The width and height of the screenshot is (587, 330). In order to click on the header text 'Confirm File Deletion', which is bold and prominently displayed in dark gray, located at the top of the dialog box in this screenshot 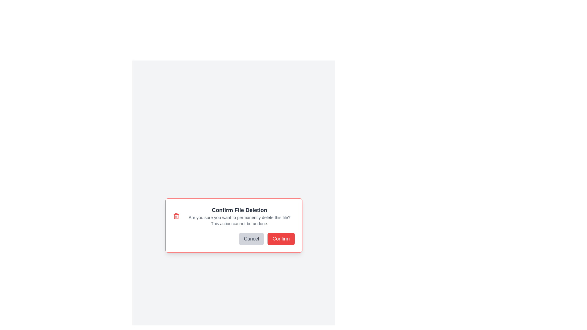, I will do `click(239, 210)`.